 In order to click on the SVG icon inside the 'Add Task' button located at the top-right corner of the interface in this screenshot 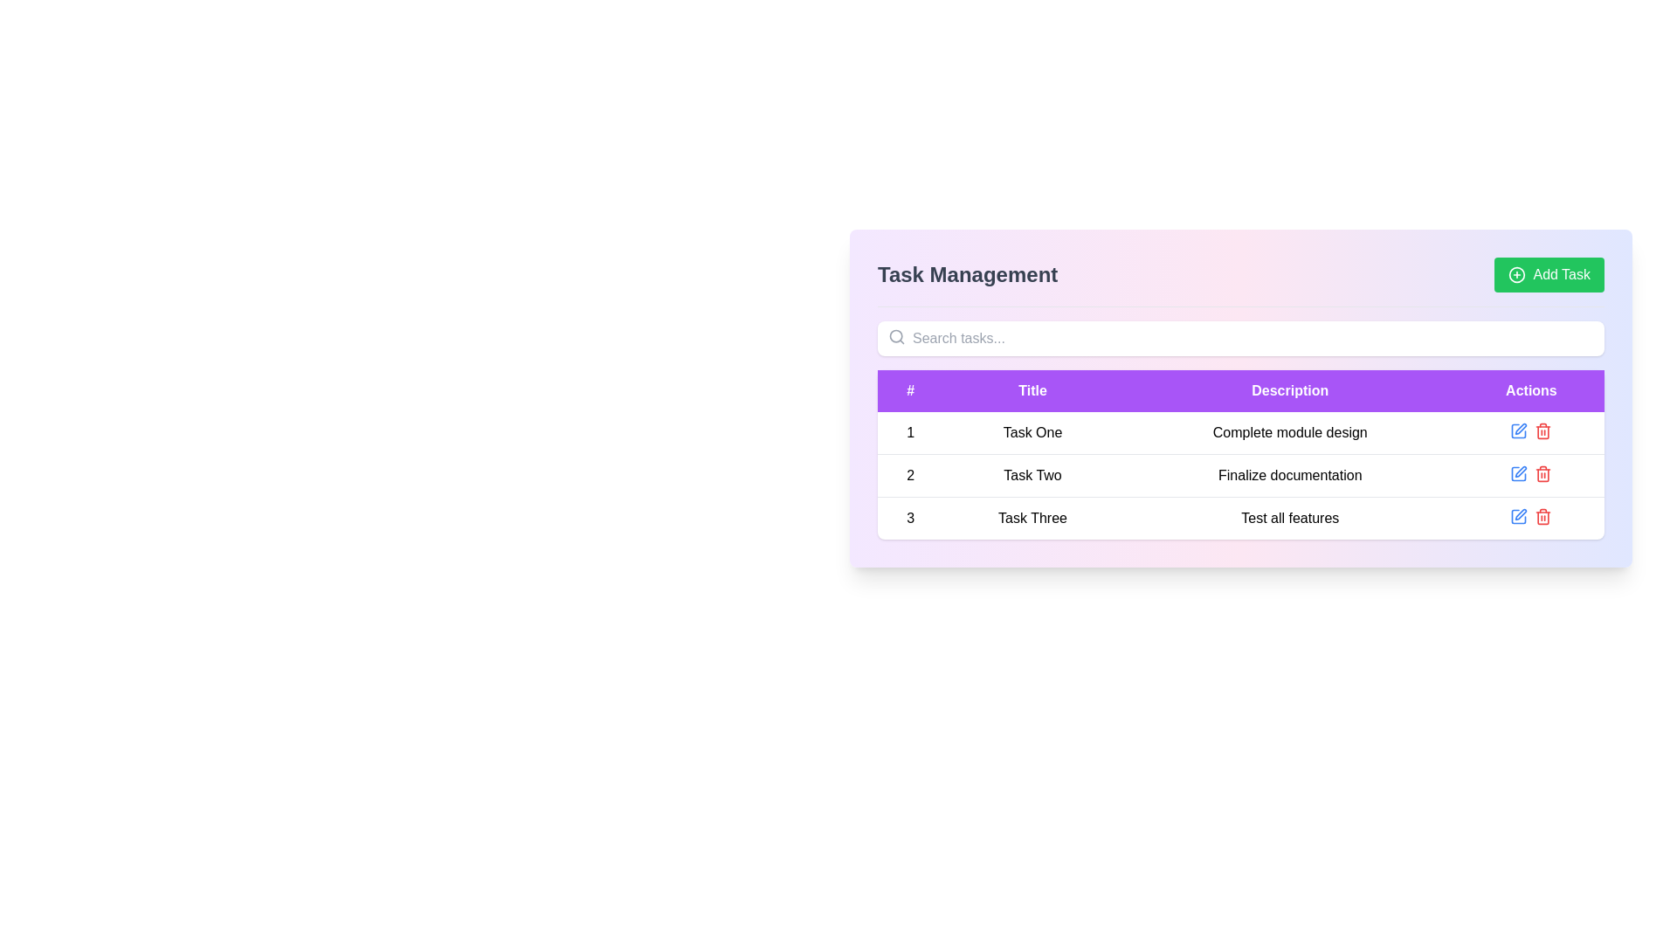, I will do `click(1516, 275)`.